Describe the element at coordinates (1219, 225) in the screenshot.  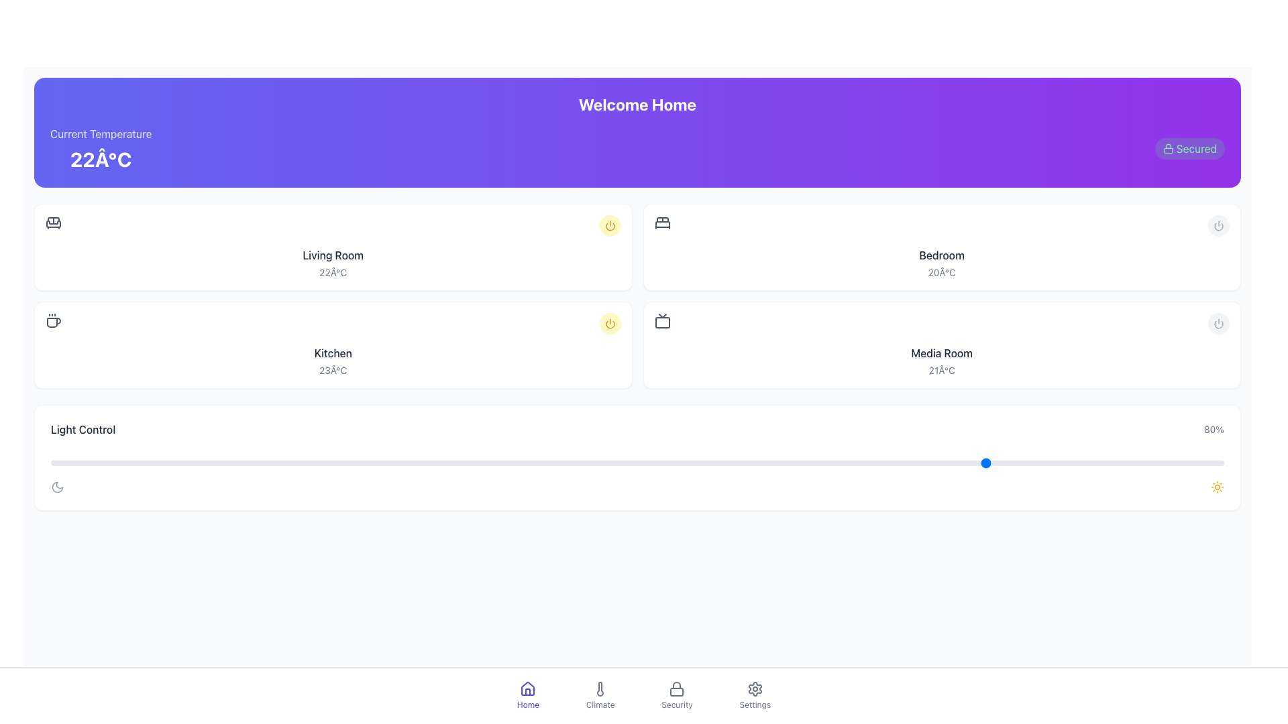
I see `the circular power button with a gray background and power icon located` at that location.